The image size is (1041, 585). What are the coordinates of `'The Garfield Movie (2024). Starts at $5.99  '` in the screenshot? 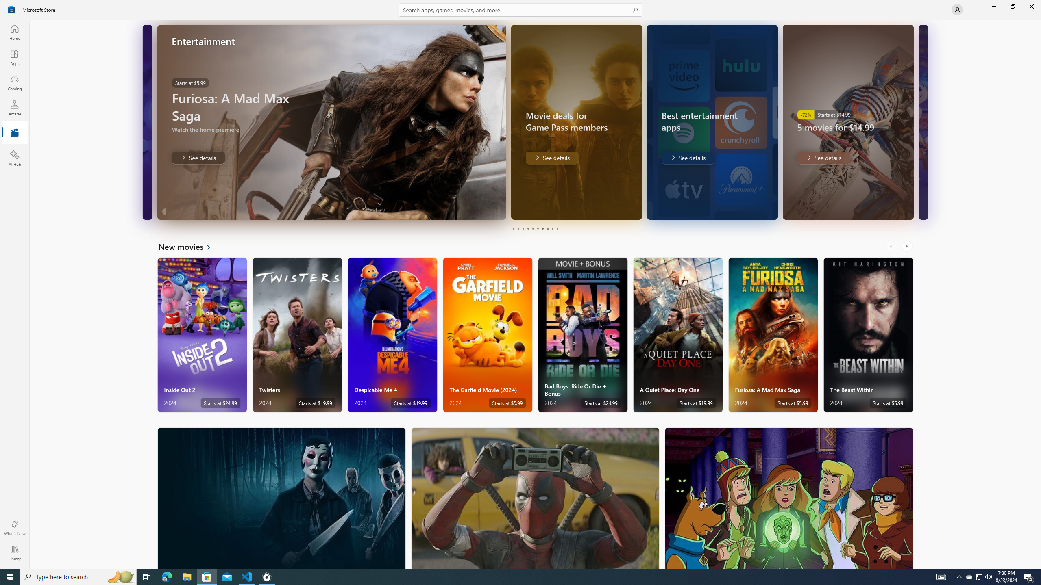 It's located at (487, 335).